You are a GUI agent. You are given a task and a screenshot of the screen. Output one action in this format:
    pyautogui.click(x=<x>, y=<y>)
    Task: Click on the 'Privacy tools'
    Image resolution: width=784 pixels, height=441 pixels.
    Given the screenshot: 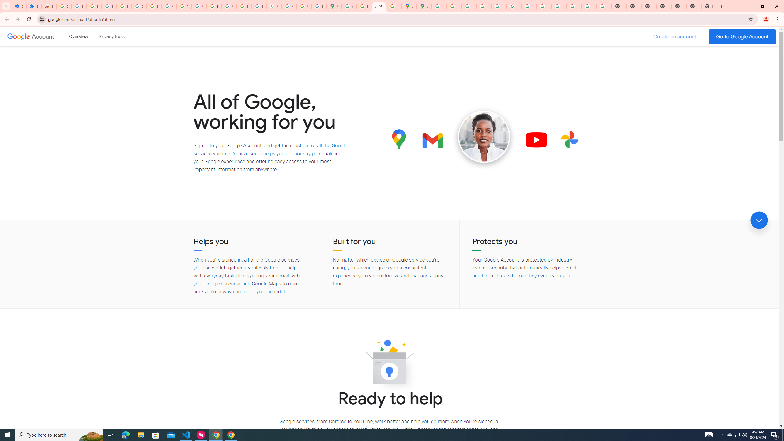 What is the action you would take?
    pyautogui.click(x=111, y=36)
    